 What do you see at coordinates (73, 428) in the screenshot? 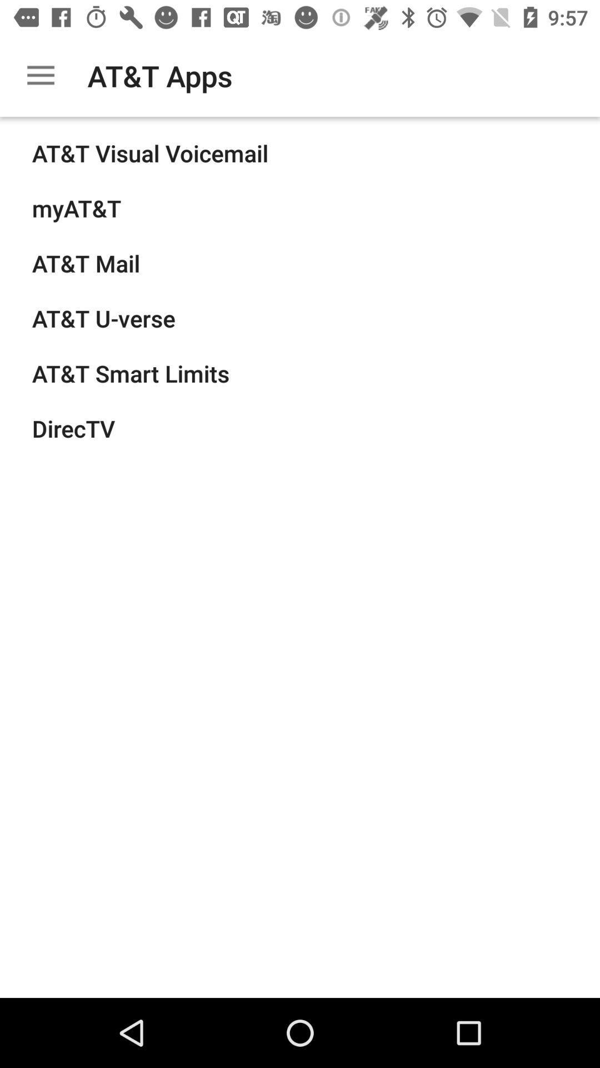
I see `the item below at t smart icon` at bounding box center [73, 428].